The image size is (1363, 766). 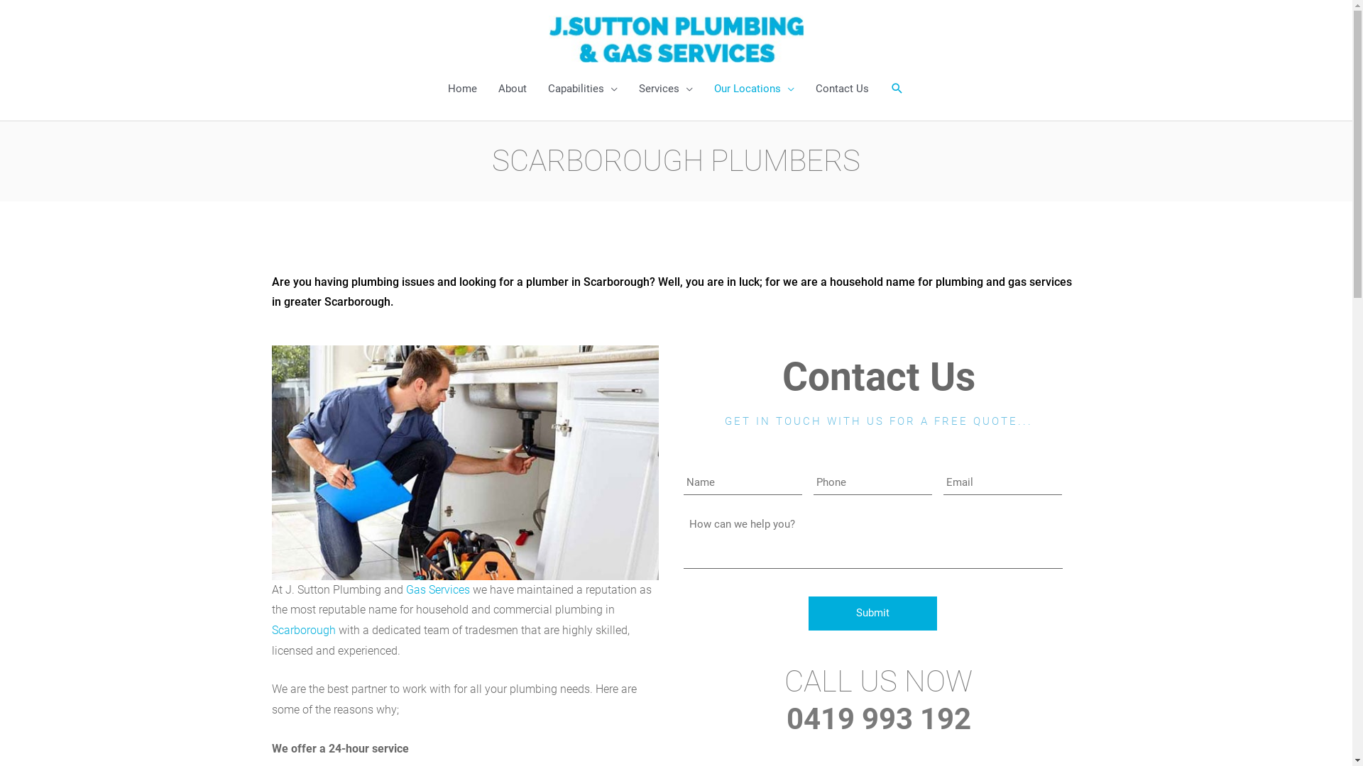 What do you see at coordinates (664, 88) in the screenshot?
I see `'Services'` at bounding box center [664, 88].